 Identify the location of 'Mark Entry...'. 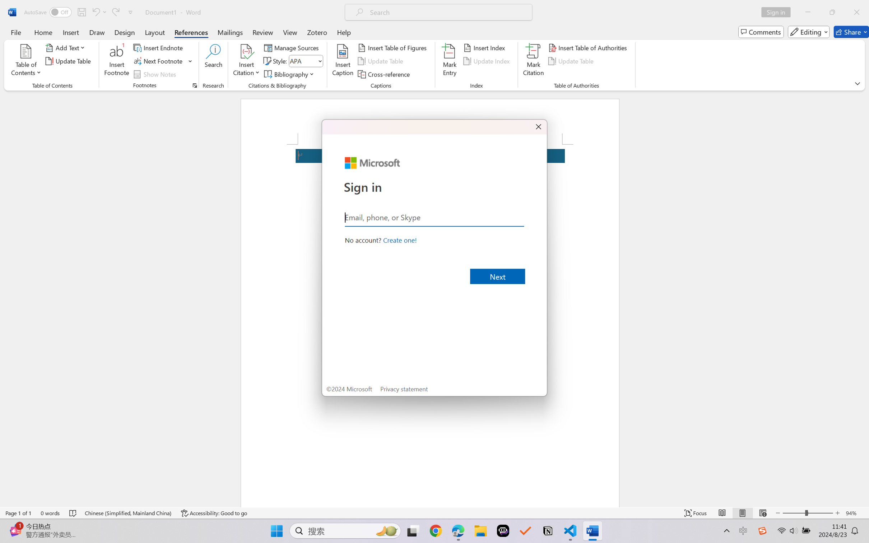
(450, 61).